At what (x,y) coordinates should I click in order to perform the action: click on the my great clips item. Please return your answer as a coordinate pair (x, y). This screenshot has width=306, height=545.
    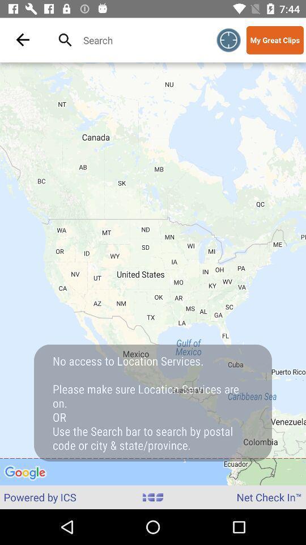
    Looking at the image, I should click on (274, 40).